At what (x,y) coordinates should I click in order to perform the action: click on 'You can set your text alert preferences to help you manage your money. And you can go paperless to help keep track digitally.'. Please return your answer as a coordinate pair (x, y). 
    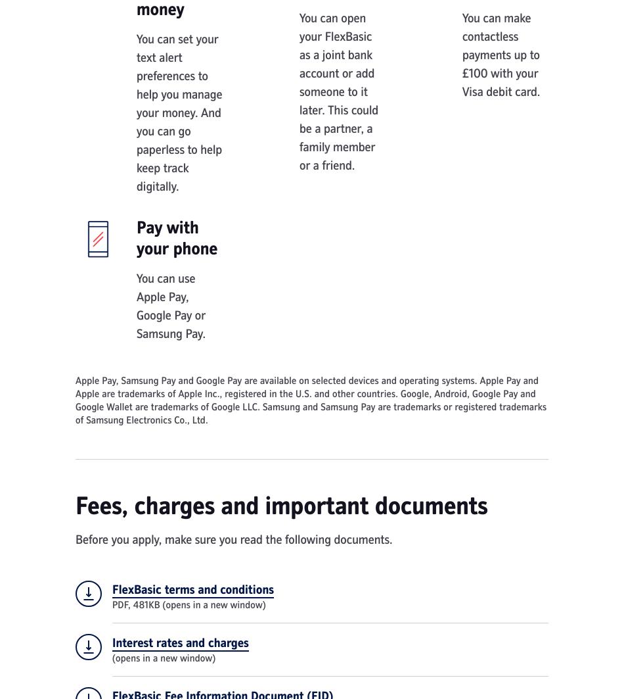
    Looking at the image, I should click on (179, 112).